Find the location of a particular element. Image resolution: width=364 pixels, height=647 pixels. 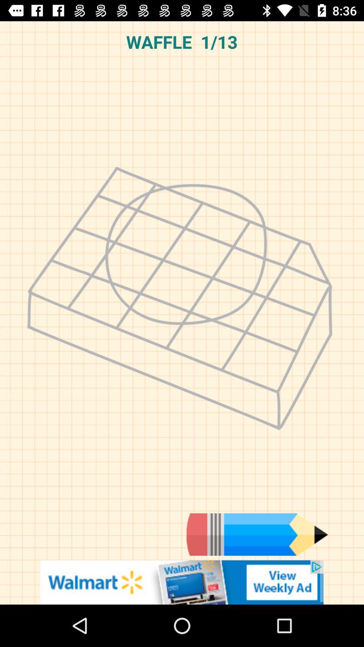

icone is located at coordinates (182, 582).